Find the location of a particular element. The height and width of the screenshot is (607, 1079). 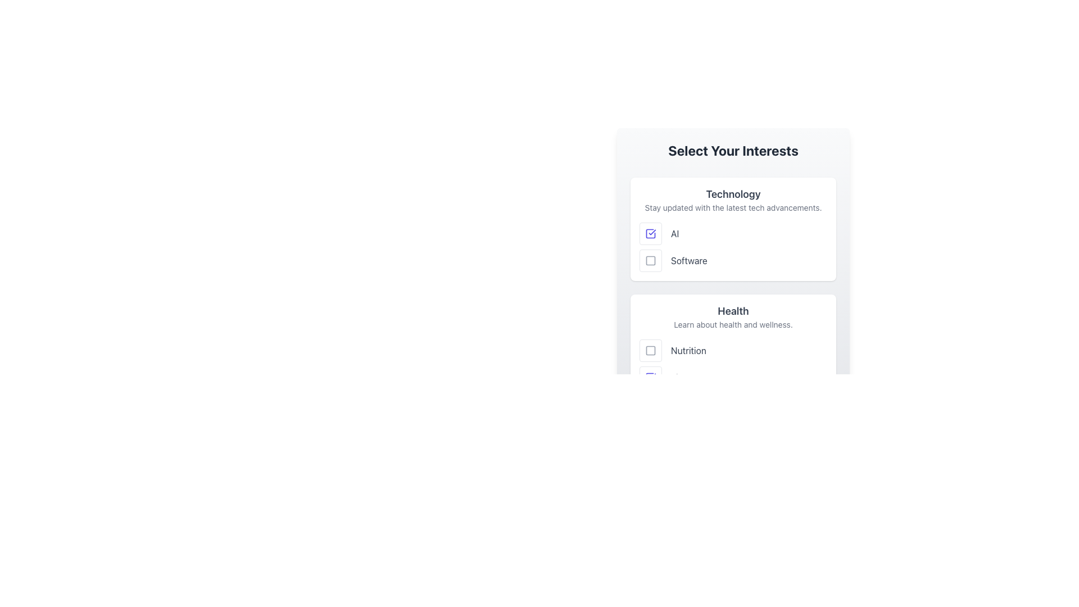

the text label providing supplementary information related to the 'Health' section, which is positioned below the heading 'Health' and above the list items 'Nutrition' and 'Fitness' is located at coordinates (733, 325).